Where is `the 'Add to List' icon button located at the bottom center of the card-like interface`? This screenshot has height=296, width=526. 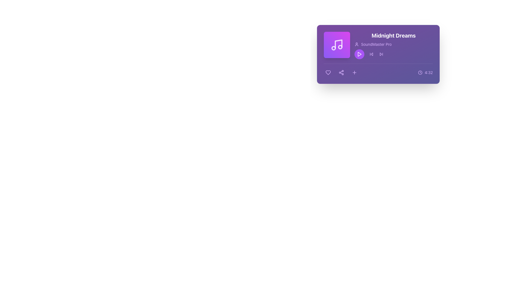
the 'Add to List' icon button located at the bottom center of the card-like interface is located at coordinates (355, 72).